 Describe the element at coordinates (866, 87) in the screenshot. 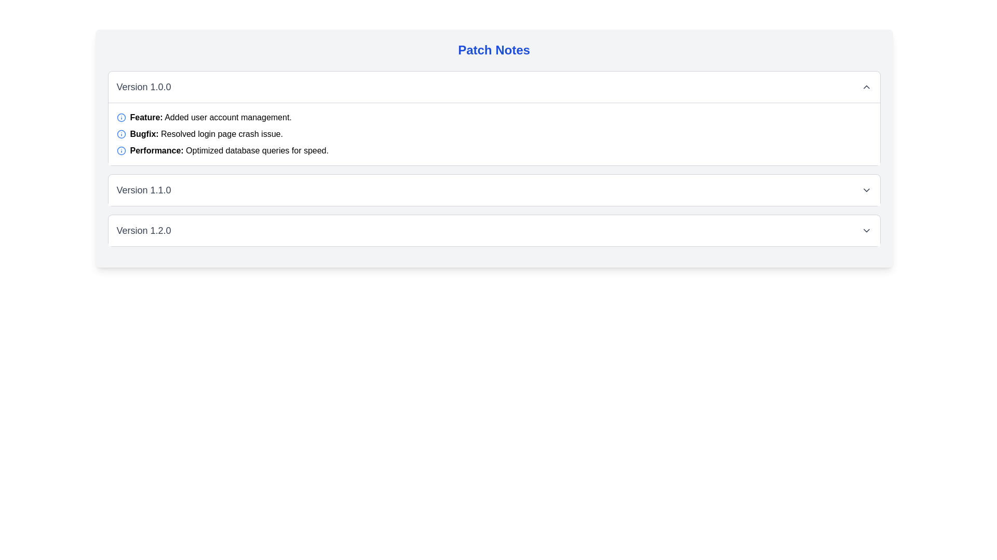

I see `the collapse icon located at the top-right corner of the section displaying the heading 'Version 1.0.0'` at that location.